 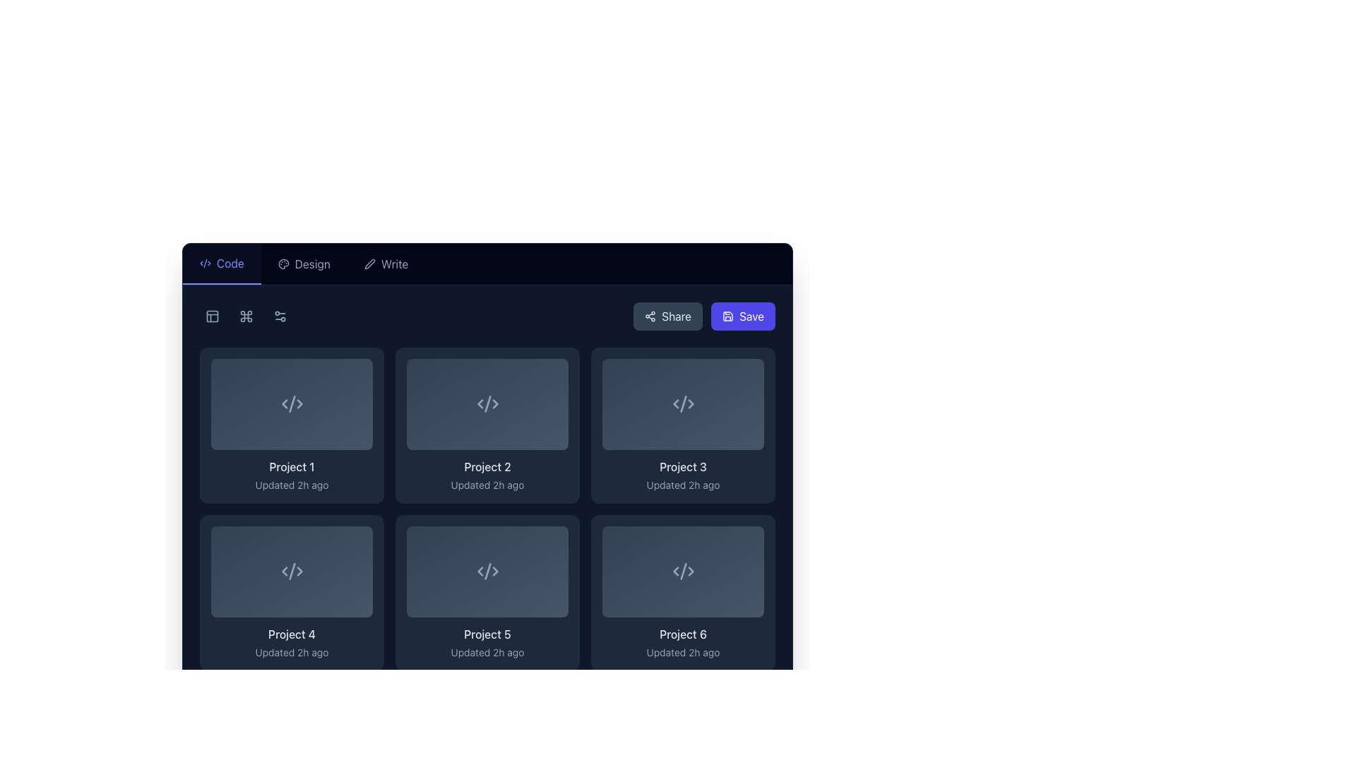 What do you see at coordinates (650, 315) in the screenshot?
I see `the 'Share' icon located in the upper-right section of the interface, adjacent to the 'Save' button, to interact with the 'Share' button functionality` at bounding box center [650, 315].